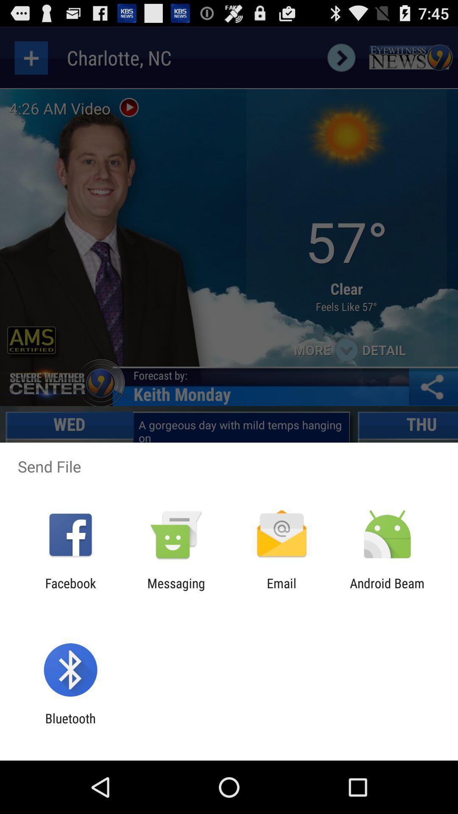 Image resolution: width=458 pixels, height=814 pixels. I want to click on icon to the right of messaging item, so click(282, 590).